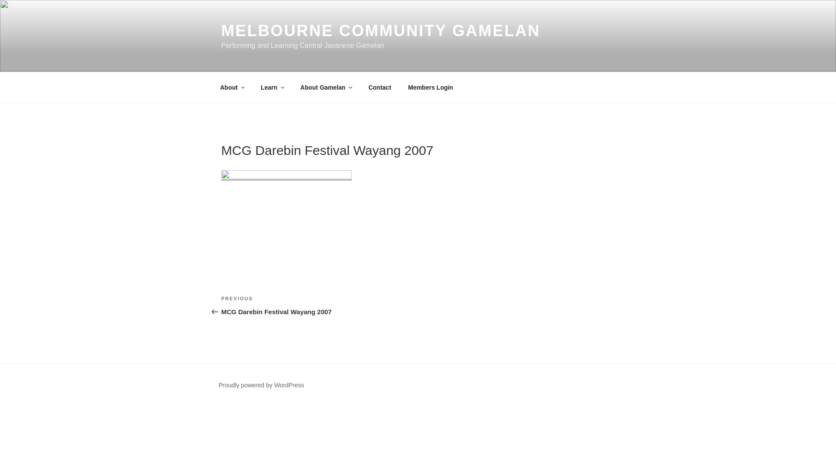 This screenshot has width=836, height=470. I want to click on 'MELBOURNE COMMUNITY GAMELAN', so click(381, 30).